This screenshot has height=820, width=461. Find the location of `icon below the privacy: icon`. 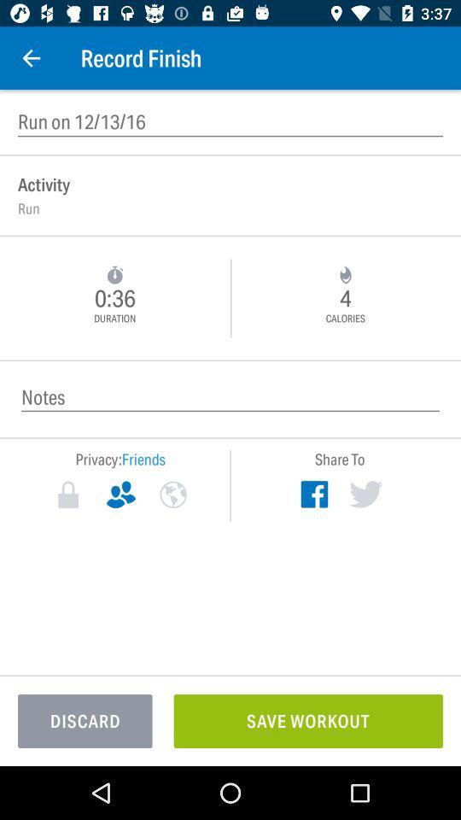

icon below the privacy: icon is located at coordinates (120, 495).